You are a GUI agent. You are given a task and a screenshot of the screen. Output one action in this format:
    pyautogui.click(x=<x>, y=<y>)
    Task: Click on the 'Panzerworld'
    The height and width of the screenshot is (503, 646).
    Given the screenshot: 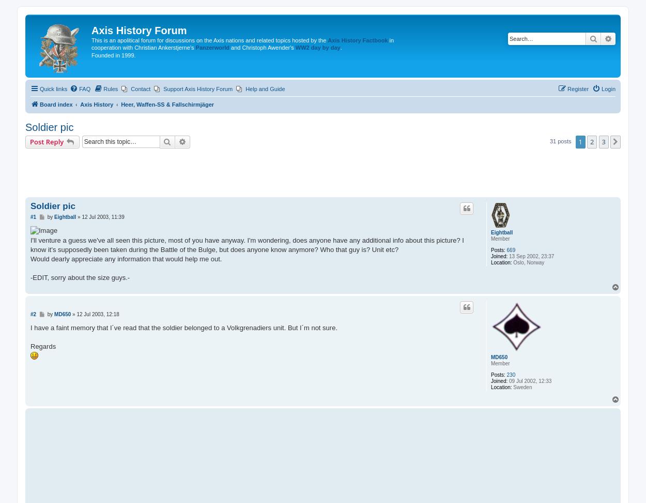 What is the action you would take?
    pyautogui.click(x=195, y=47)
    